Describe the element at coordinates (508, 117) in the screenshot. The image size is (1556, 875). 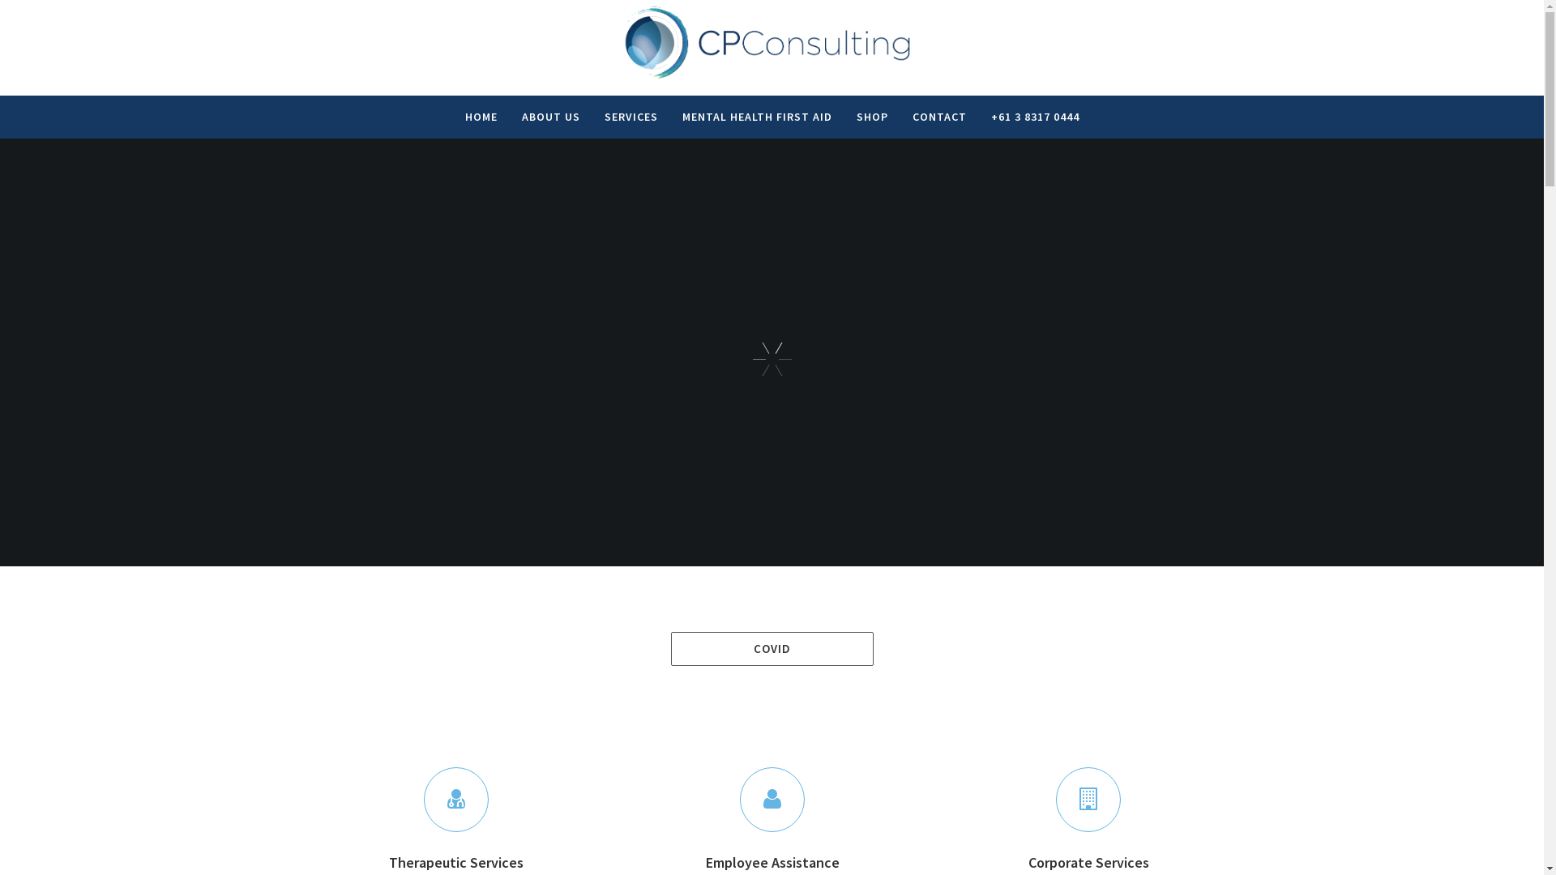
I see `'ABOUT US'` at that location.